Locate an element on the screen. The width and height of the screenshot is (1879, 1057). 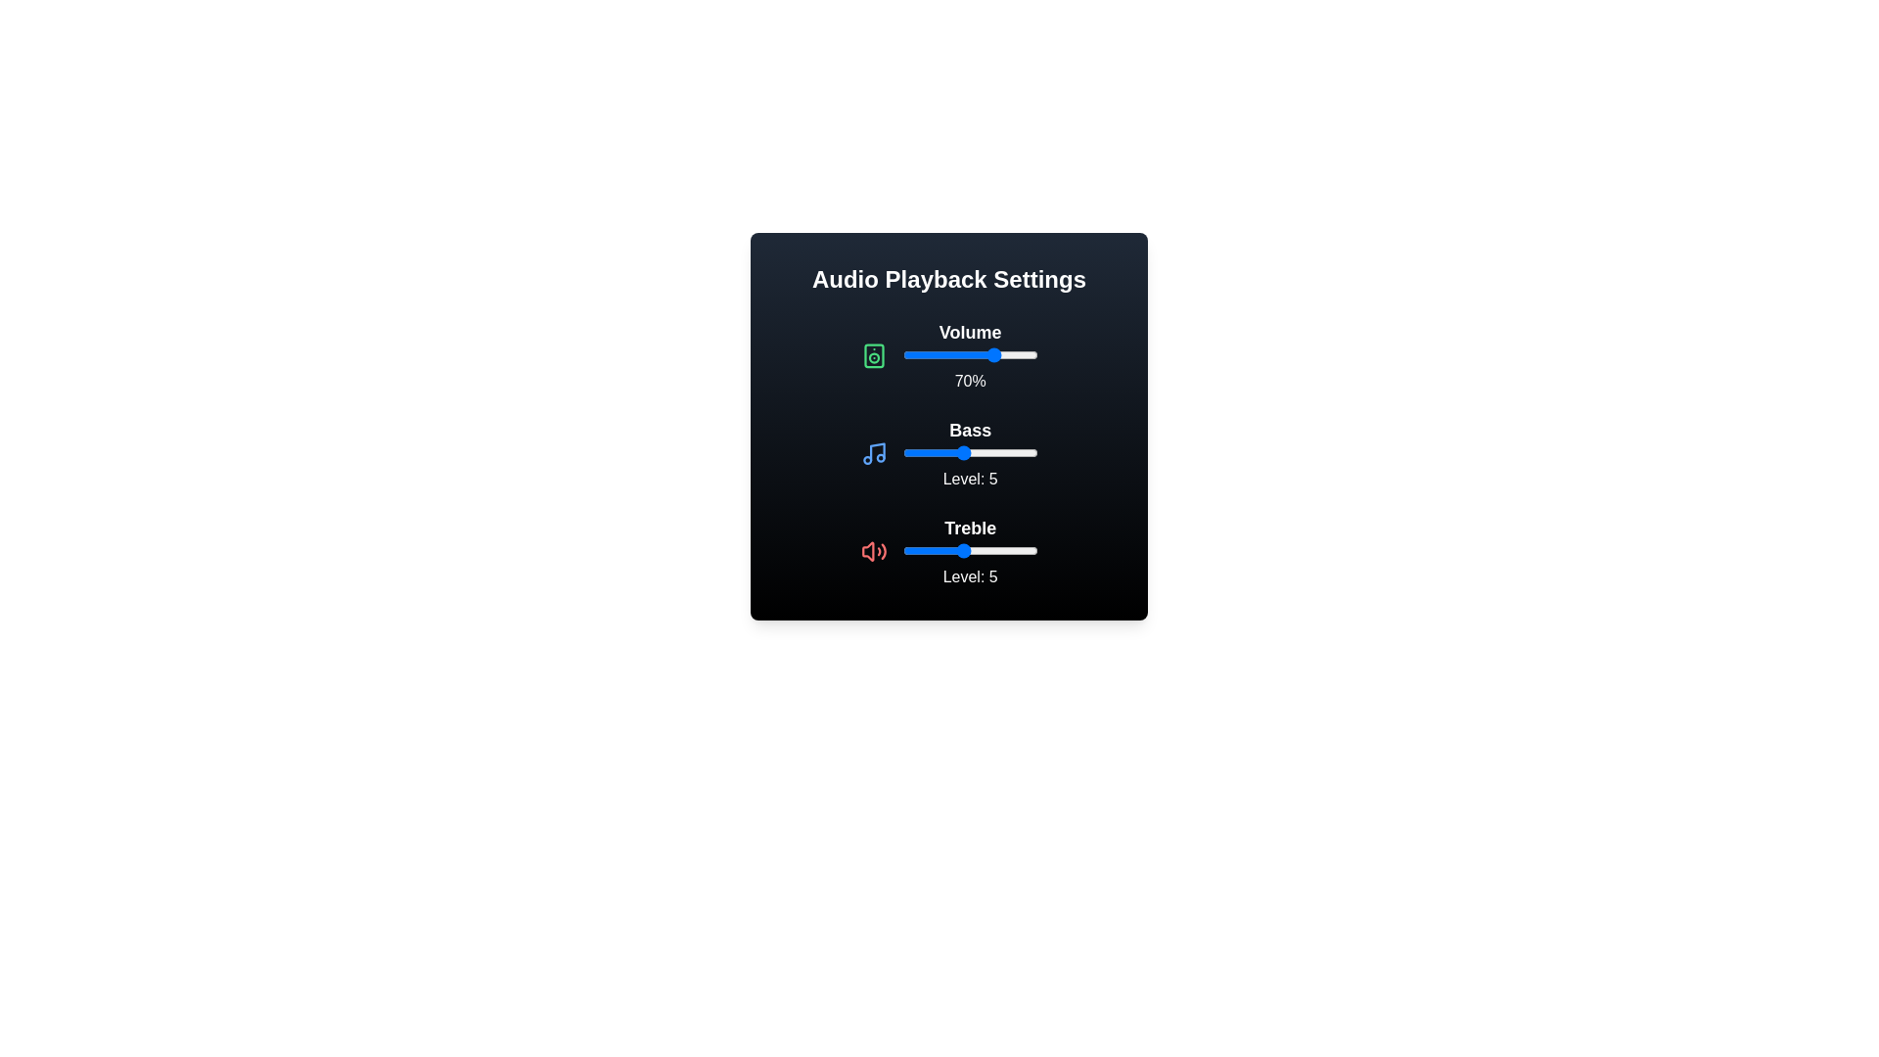
the volume slider is located at coordinates (977, 354).